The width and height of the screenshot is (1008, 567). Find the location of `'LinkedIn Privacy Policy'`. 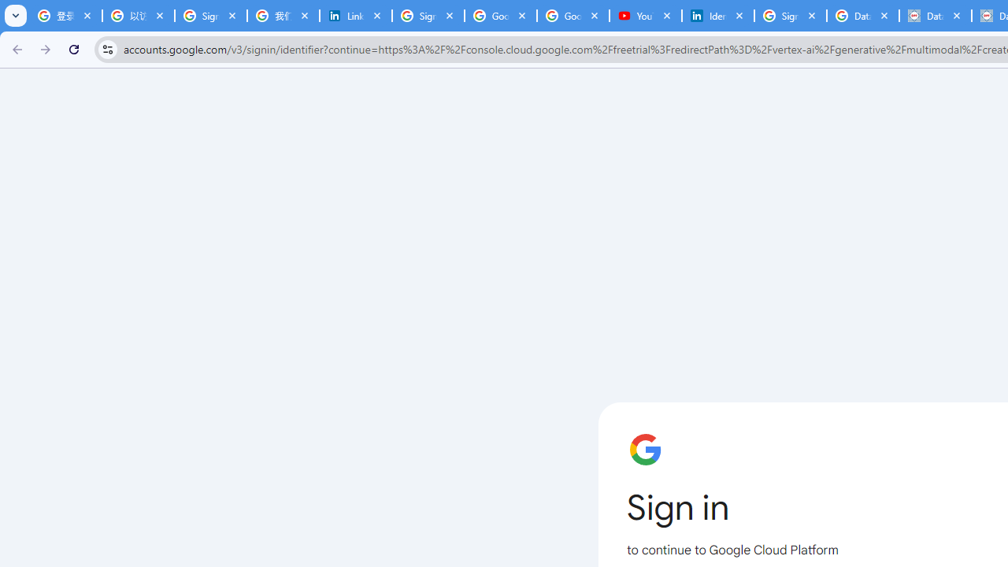

'LinkedIn Privacy Policy' is located at coordinates (354, 16).